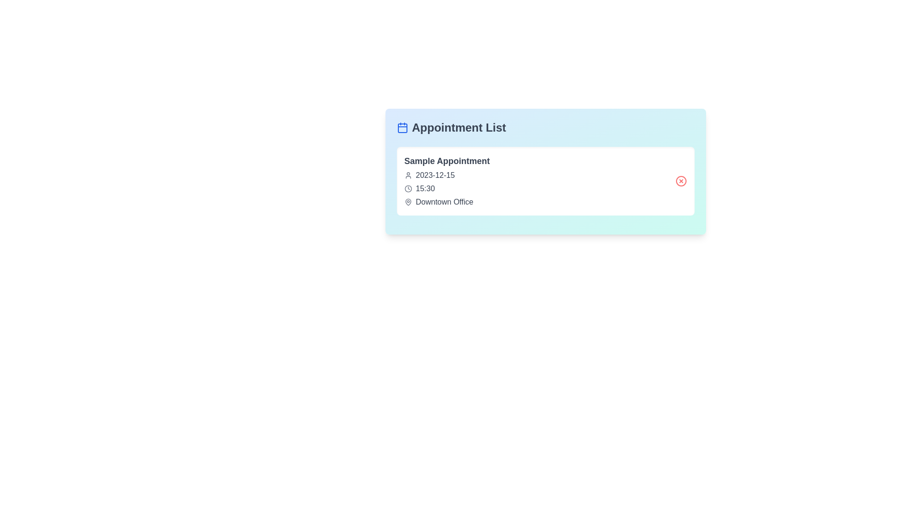 The width and height of the screenshot is (916, 515). Describe the element at coordinates (402, 128) in the screenshot. I see `the filled portion of the calendar icon located at the top left of the 'Appointment List' section, which visually represents a specific day` at that location.